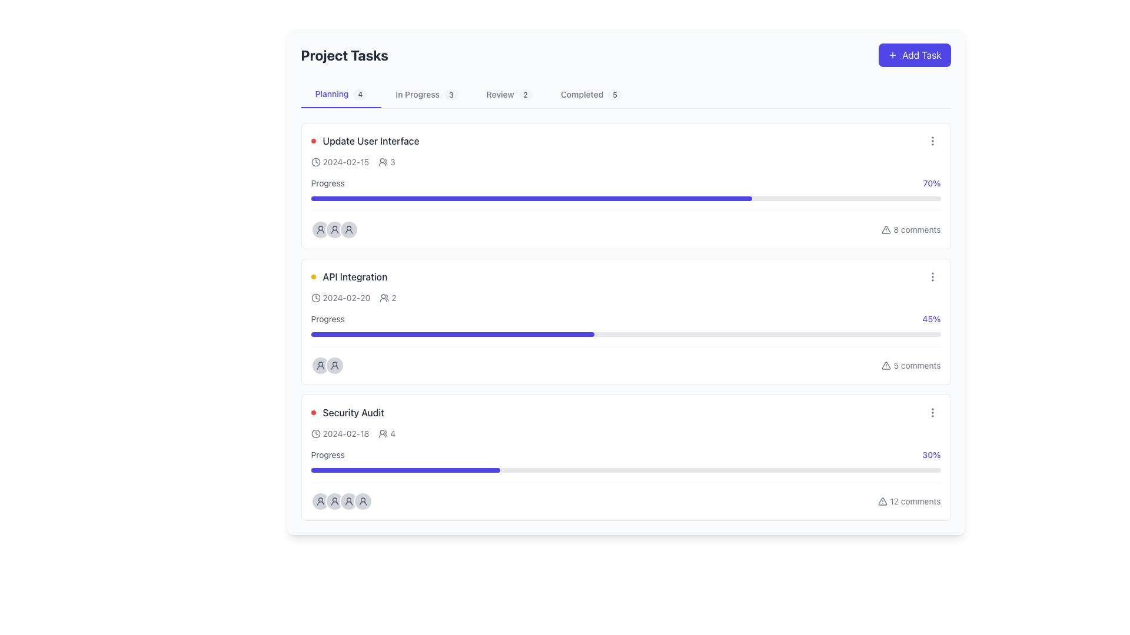  I want to click on data displayed in the Counter badge located in the top-right section of the 'Completed' tab in the task management interface, so click(614, 94).